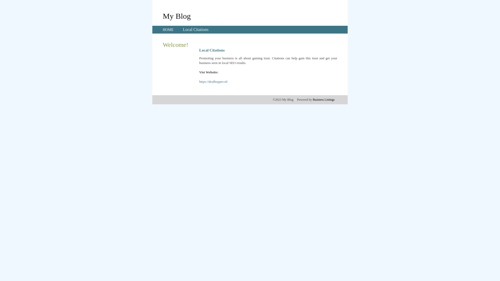  Describe the element at coordinates (214, 81) in the screenshot. I see `'https://dealhopper.nl/'` at that location.